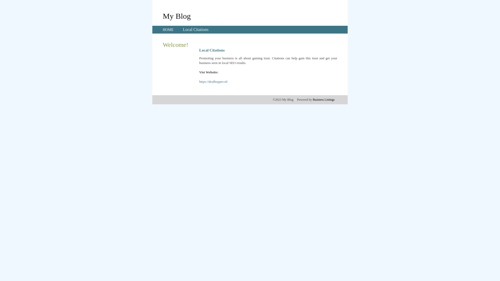  Describe the element at coordinates (214, 81) in the screenshot. I see `'https://dealhopper.nl/'` at that location.